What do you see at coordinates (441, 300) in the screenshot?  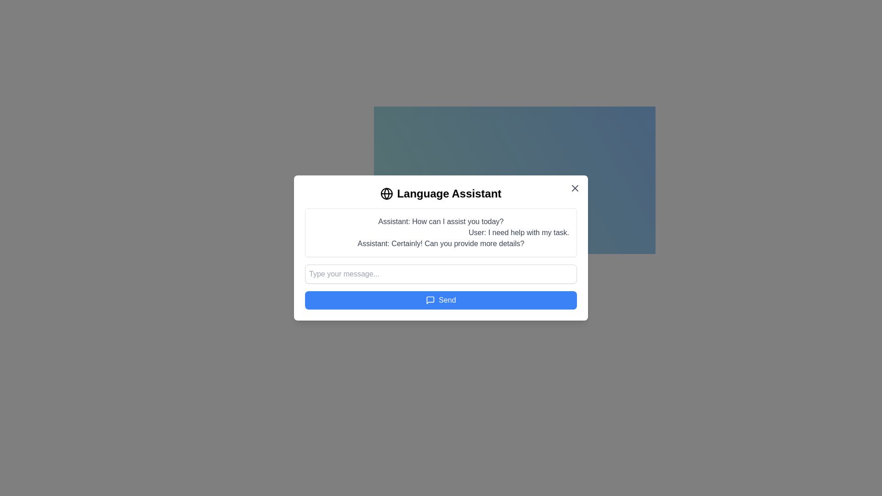 I see `the wide rectangular button with a blue background and white text labeled 'Send' to send a message` at bounding box center [441, 300].